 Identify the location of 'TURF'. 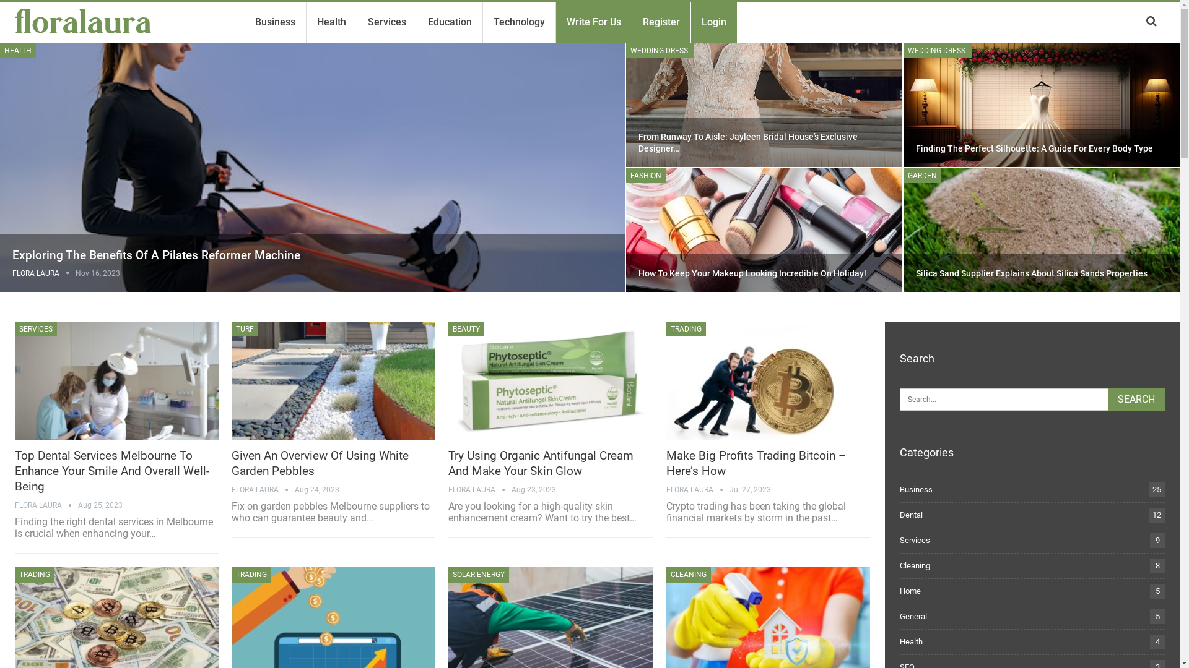
(232, 328).